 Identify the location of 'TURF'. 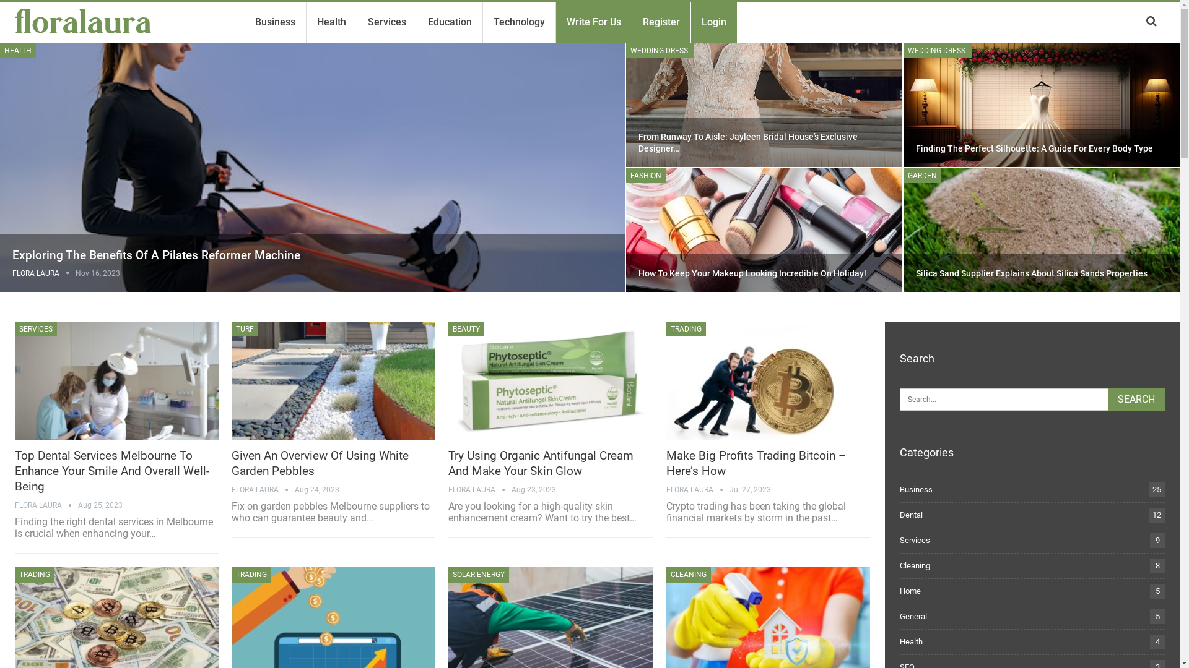
(232, 328).